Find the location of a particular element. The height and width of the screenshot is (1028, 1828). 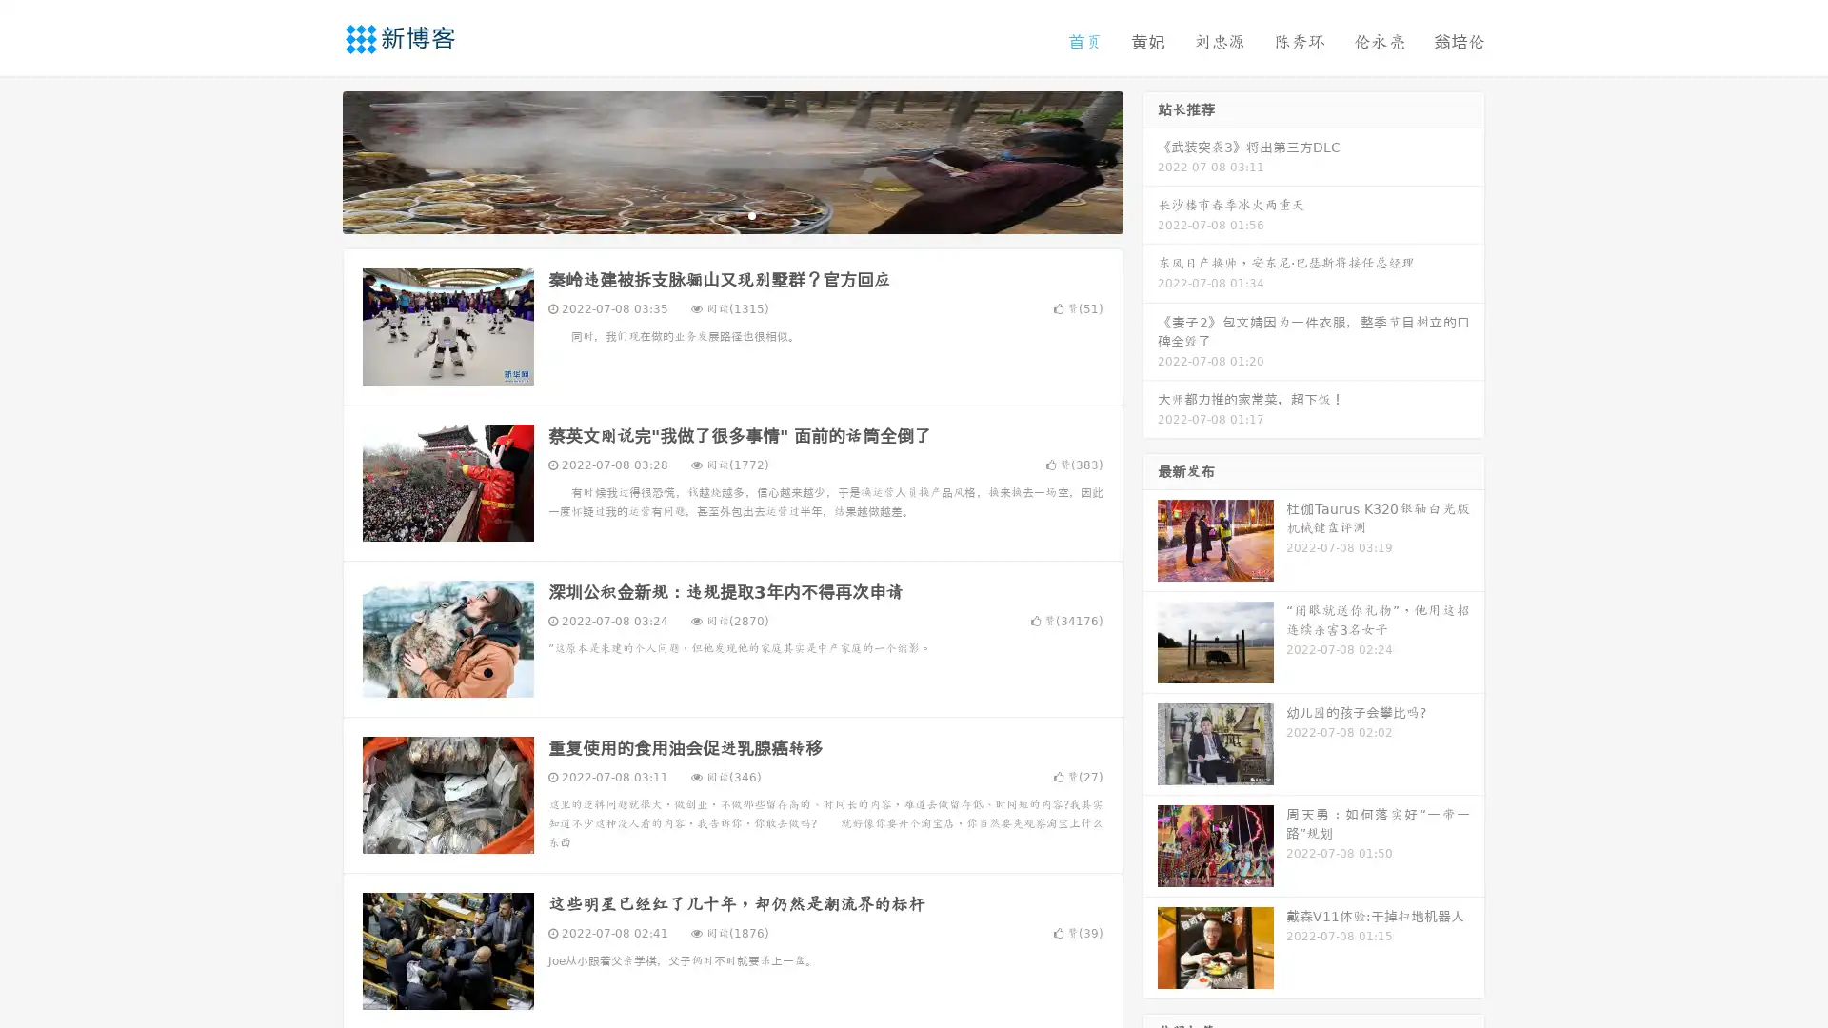

Go to slide 3 is located at coordinates (751, 214).